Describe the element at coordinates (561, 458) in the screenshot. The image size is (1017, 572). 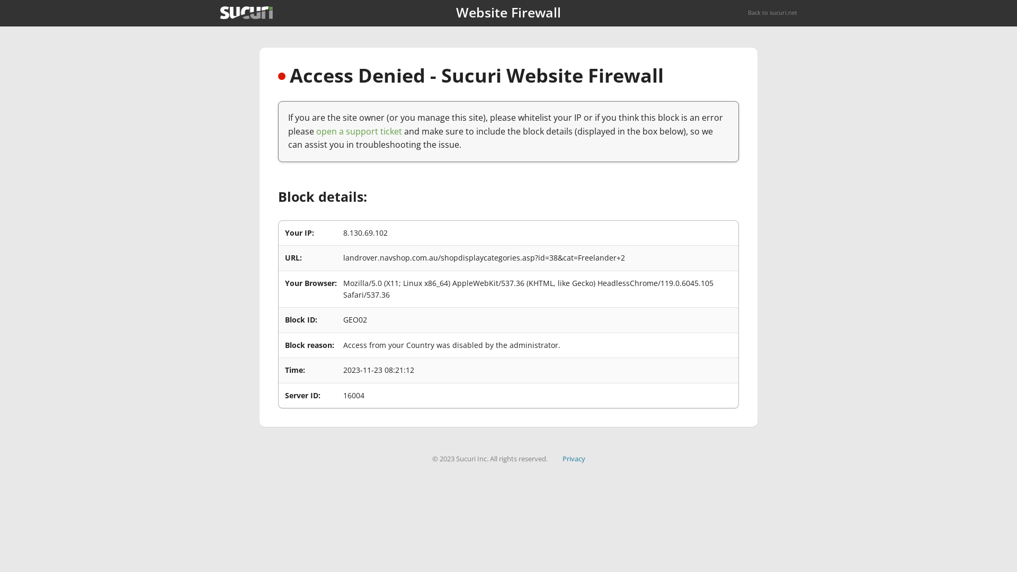
I see `'Privacy'` at that location.